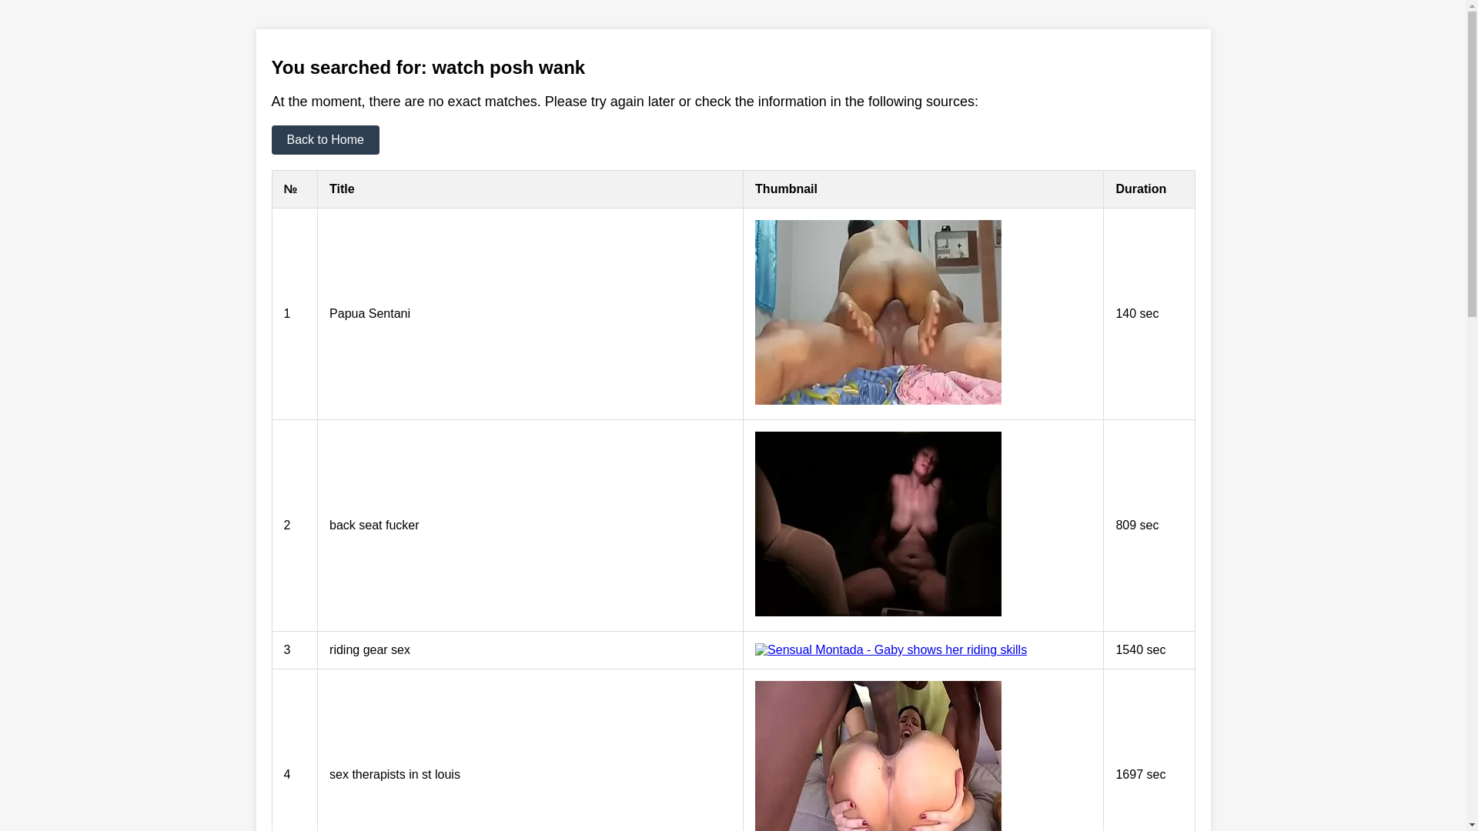 This screenshot has height=831, width=1478. I want to click on 'Back to Home', so click(324, 139).